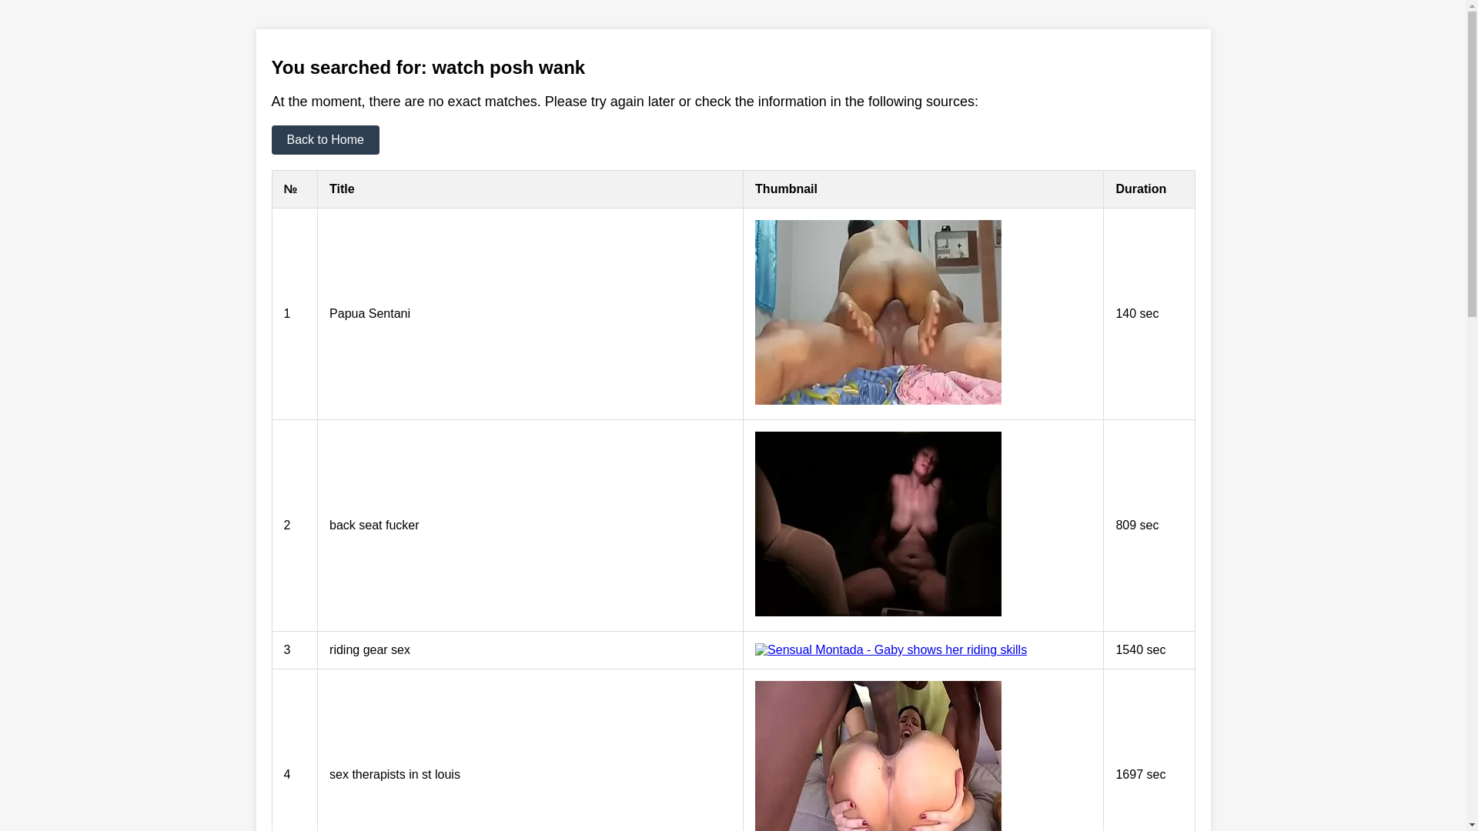 This screenshot has height=831, width=1478. I want to click on 'Back to Home', so click(324, 139).